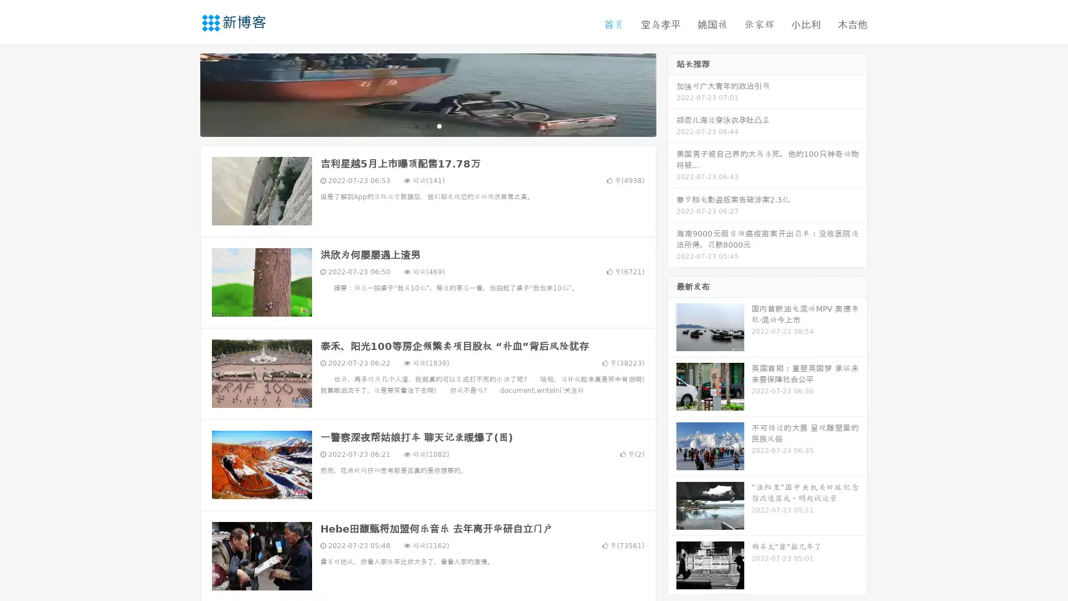  I want to click on Previous slide, so click(184, 93).